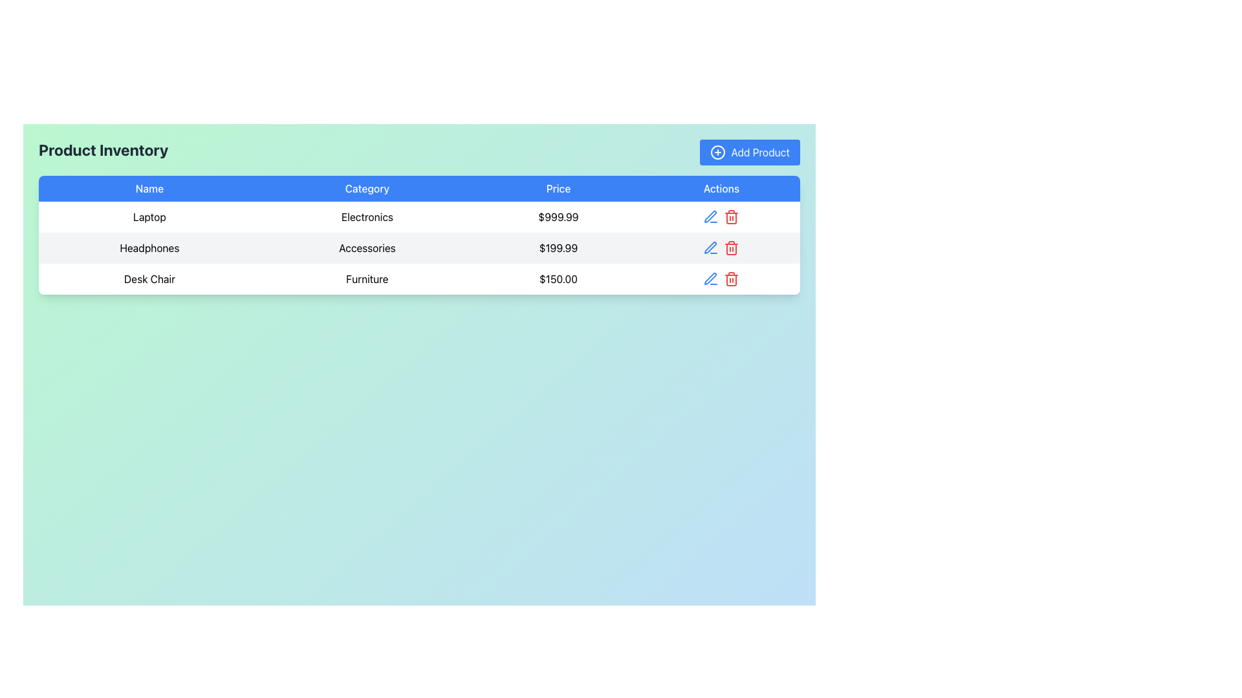  What do you see at coordinates (419, 216) in the screenshot?
I see `the first data display row in the product inventory table that shows the product 'Laptop', which includes its name, category, and price` at bounding box center [419, 216].